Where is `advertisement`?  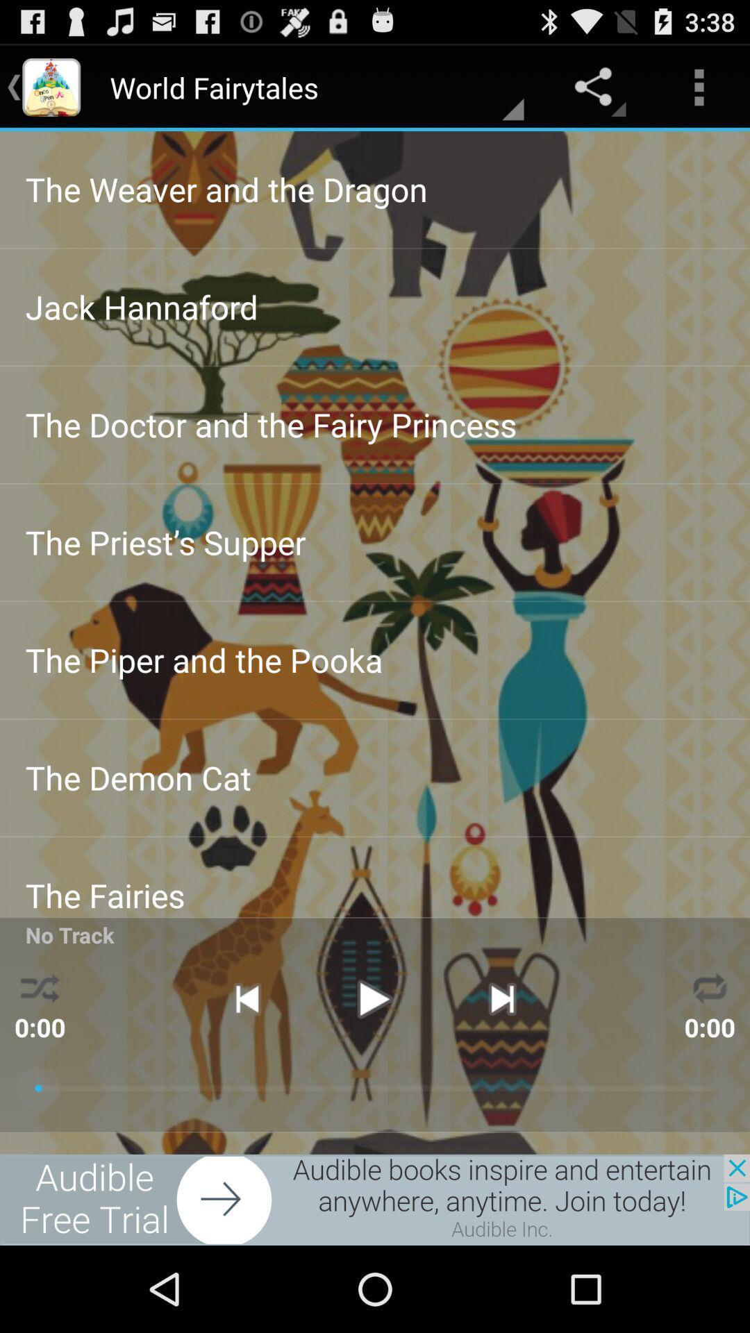 advertisement is located at coordinates (375, 1199).